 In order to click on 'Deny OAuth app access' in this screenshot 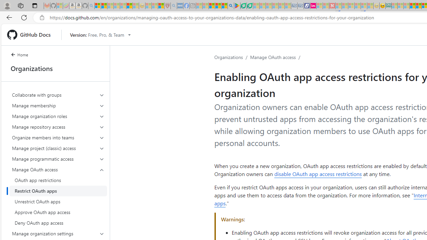, I will do `click(58, 223)`.